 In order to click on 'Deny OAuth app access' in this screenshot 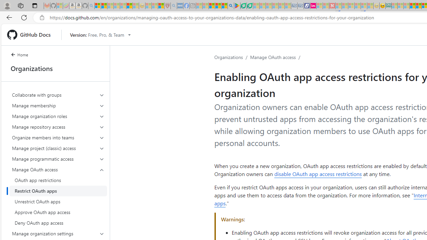, I will do `click(58, 223)`.